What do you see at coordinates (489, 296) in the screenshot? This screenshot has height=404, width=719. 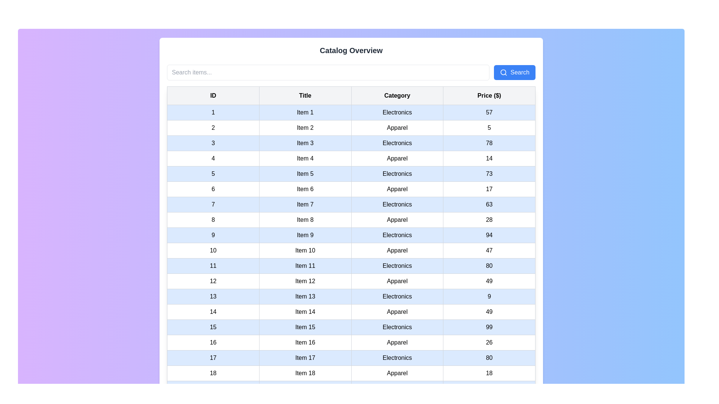 I see `the content of the Text cell displaying the number '9' under the 'Price ($)' header in the table row corresponding to Item 13` at bounding box center [489, 296].